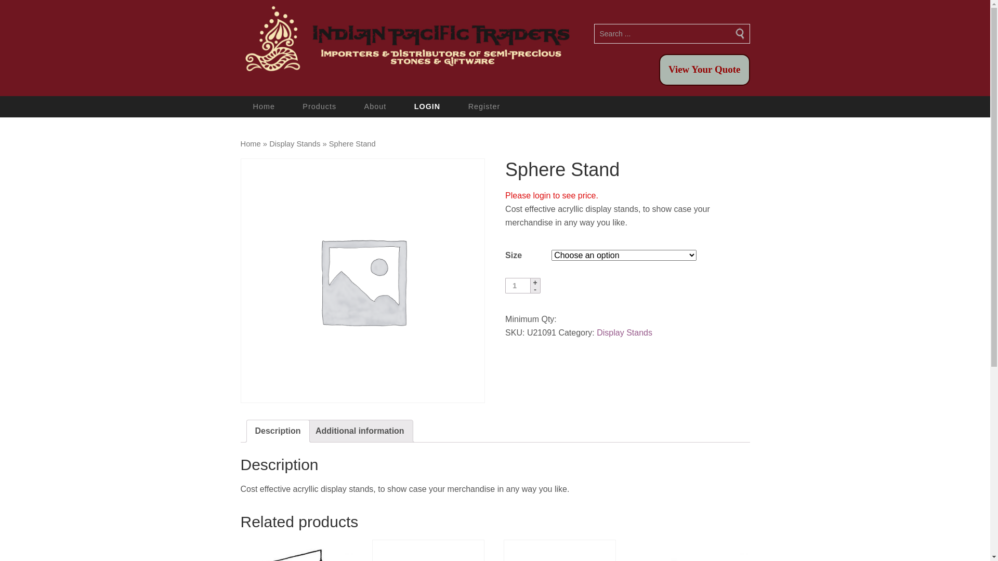  Describe the element at coordinates (294, 144) in the screenshot. I see `'Display Stands'` at that location.